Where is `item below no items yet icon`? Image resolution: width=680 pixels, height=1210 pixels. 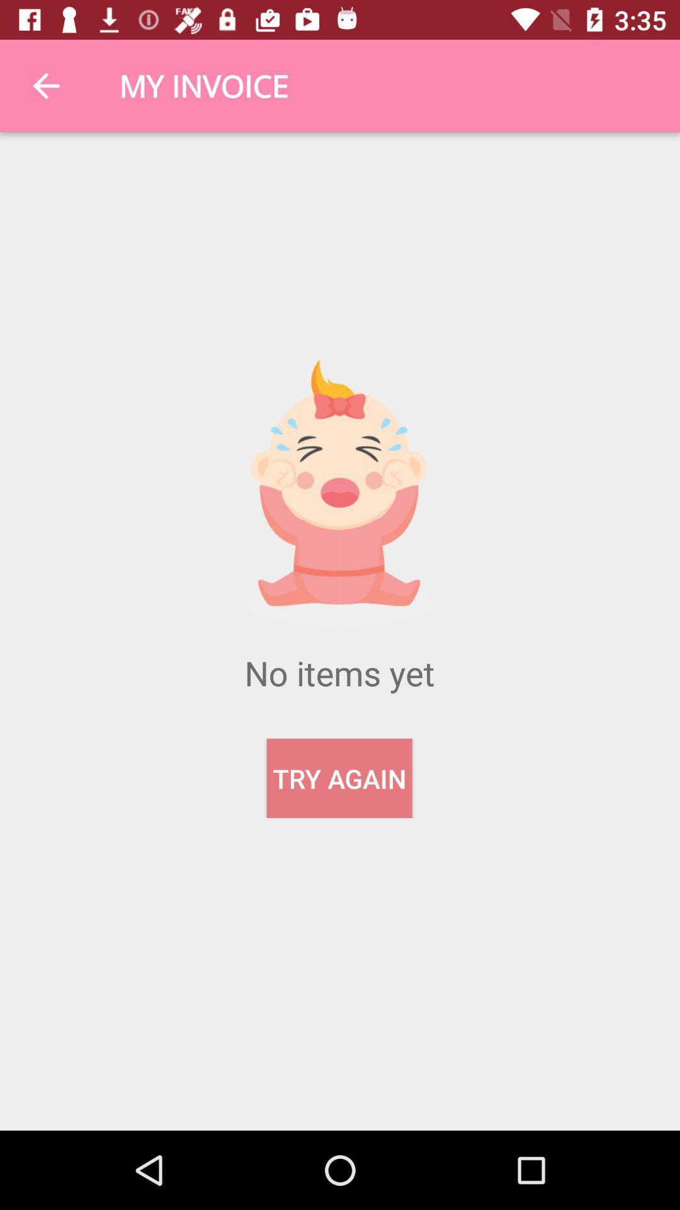 item below no items yet icon is located at coordinates (339, 778).